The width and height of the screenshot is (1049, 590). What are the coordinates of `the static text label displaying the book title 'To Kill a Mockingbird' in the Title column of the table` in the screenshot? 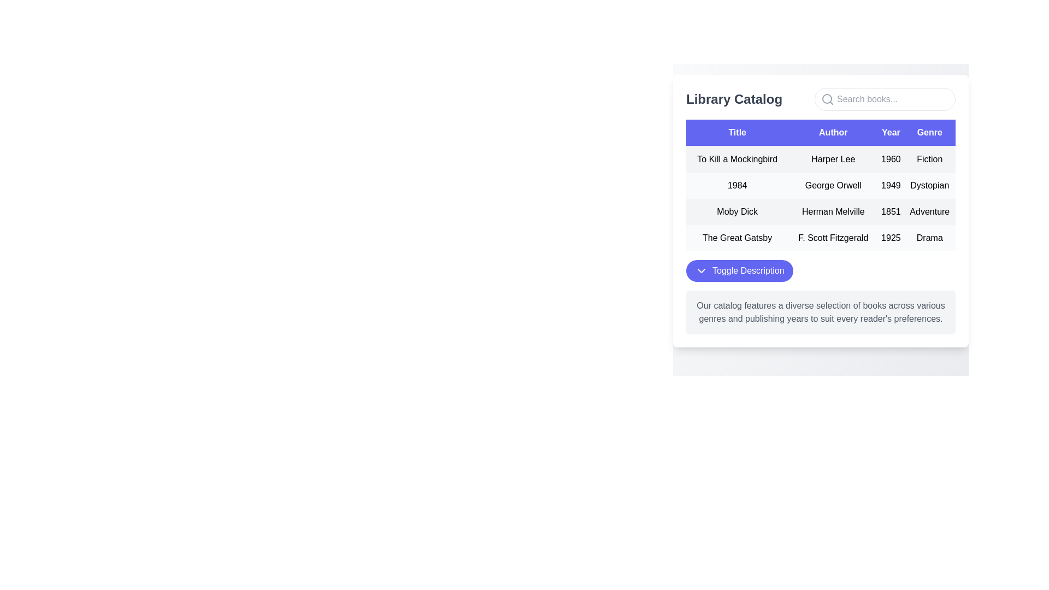 It's located at (737, 159).